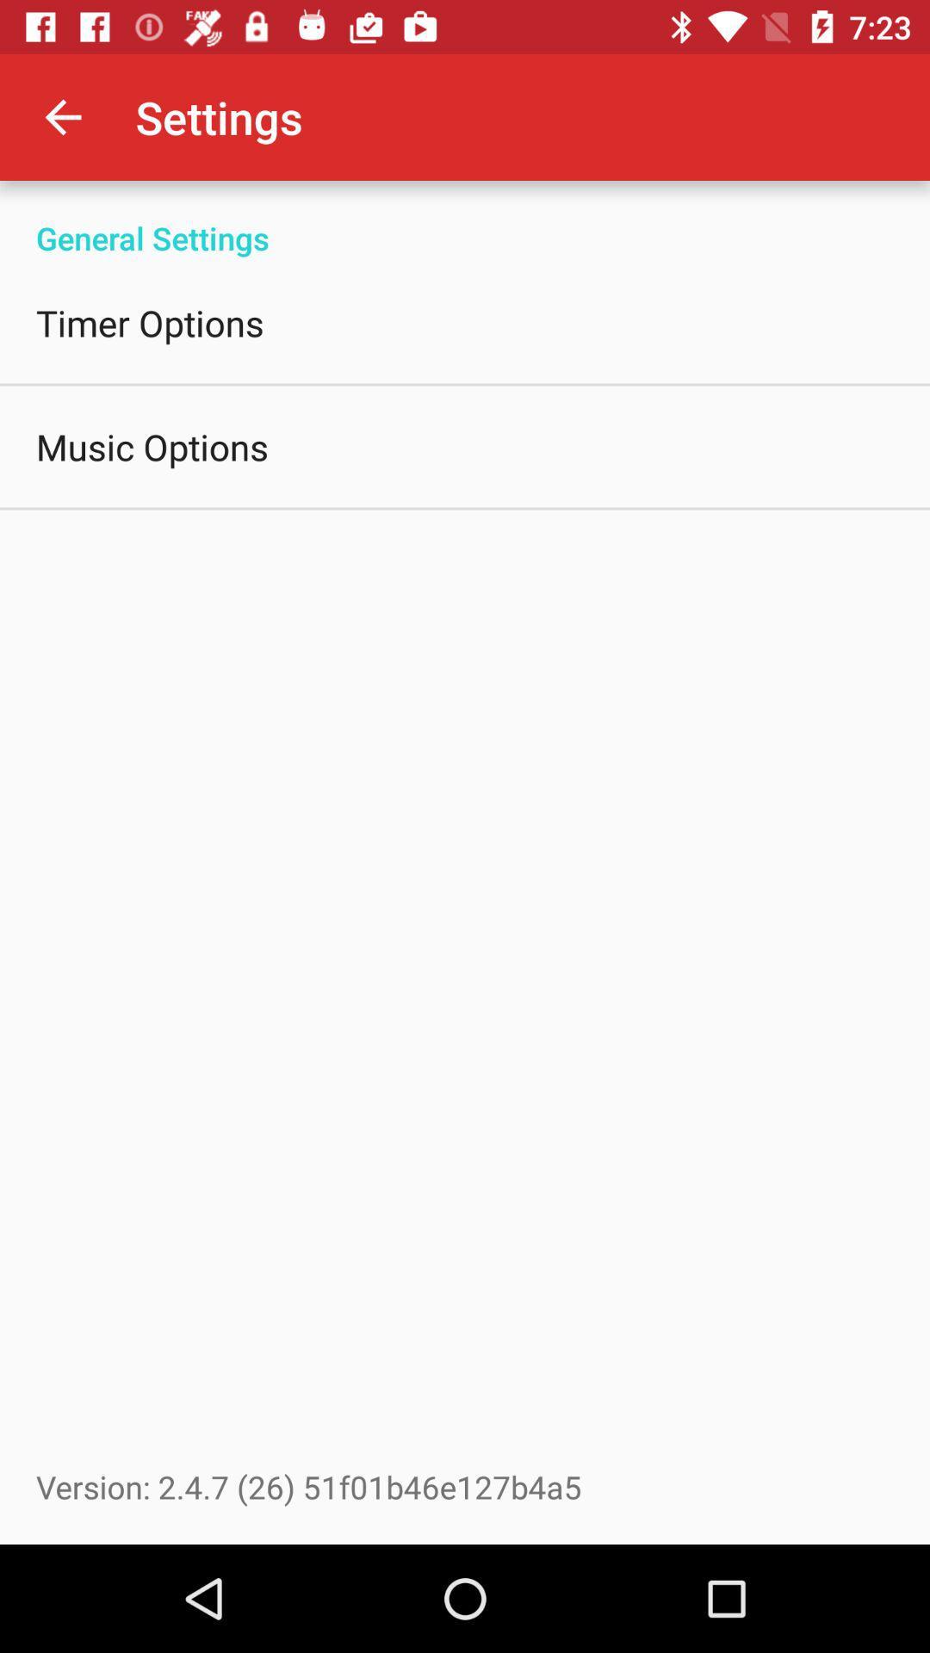  Describe the element at coordinates (149, 322) in the screenshot. I see `the item below general settings icon` at that location.